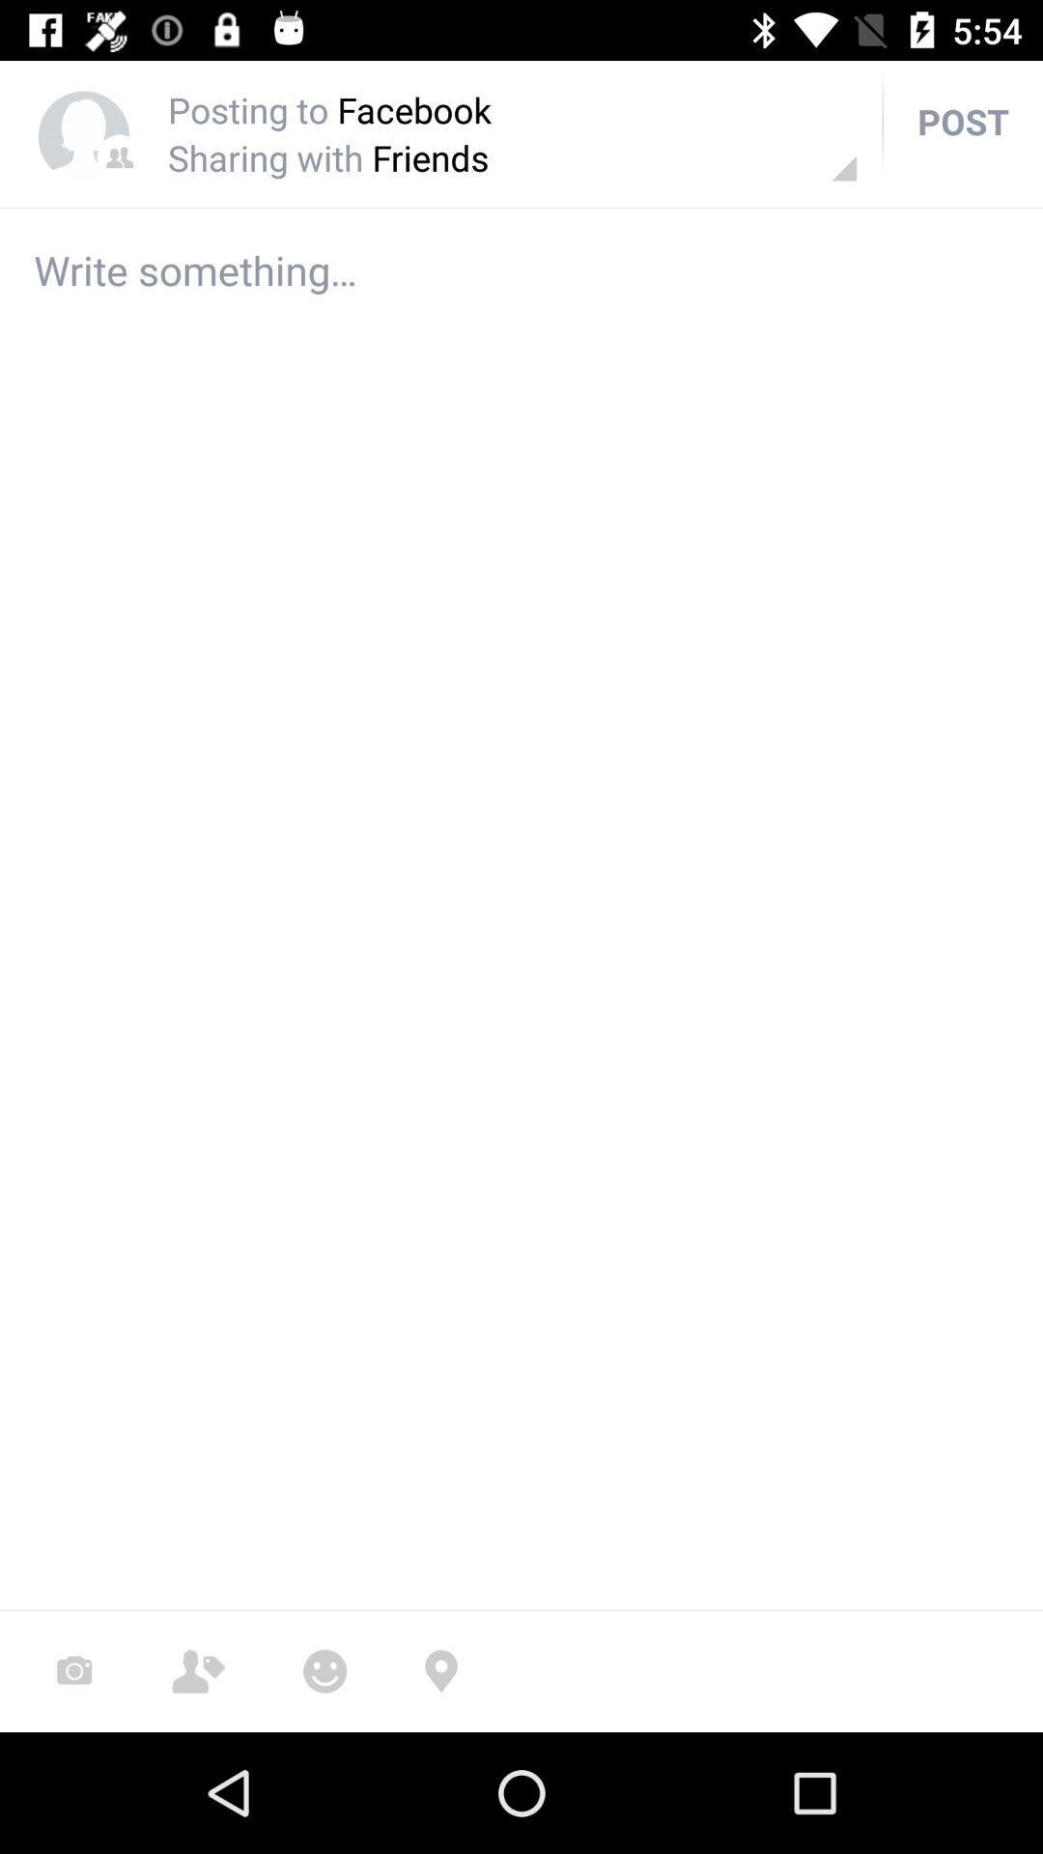 The height and width of the screenshot is (1854, 1043). I want to click on the location icon, so click(440, 1671).